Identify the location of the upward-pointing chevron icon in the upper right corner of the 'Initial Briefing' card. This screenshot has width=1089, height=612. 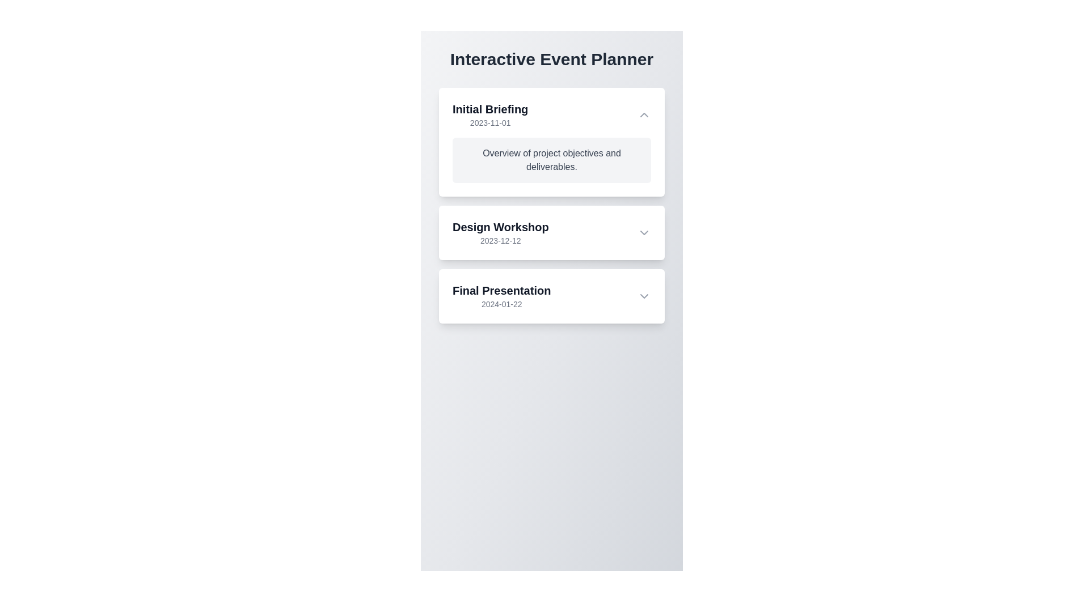
(644, 115).